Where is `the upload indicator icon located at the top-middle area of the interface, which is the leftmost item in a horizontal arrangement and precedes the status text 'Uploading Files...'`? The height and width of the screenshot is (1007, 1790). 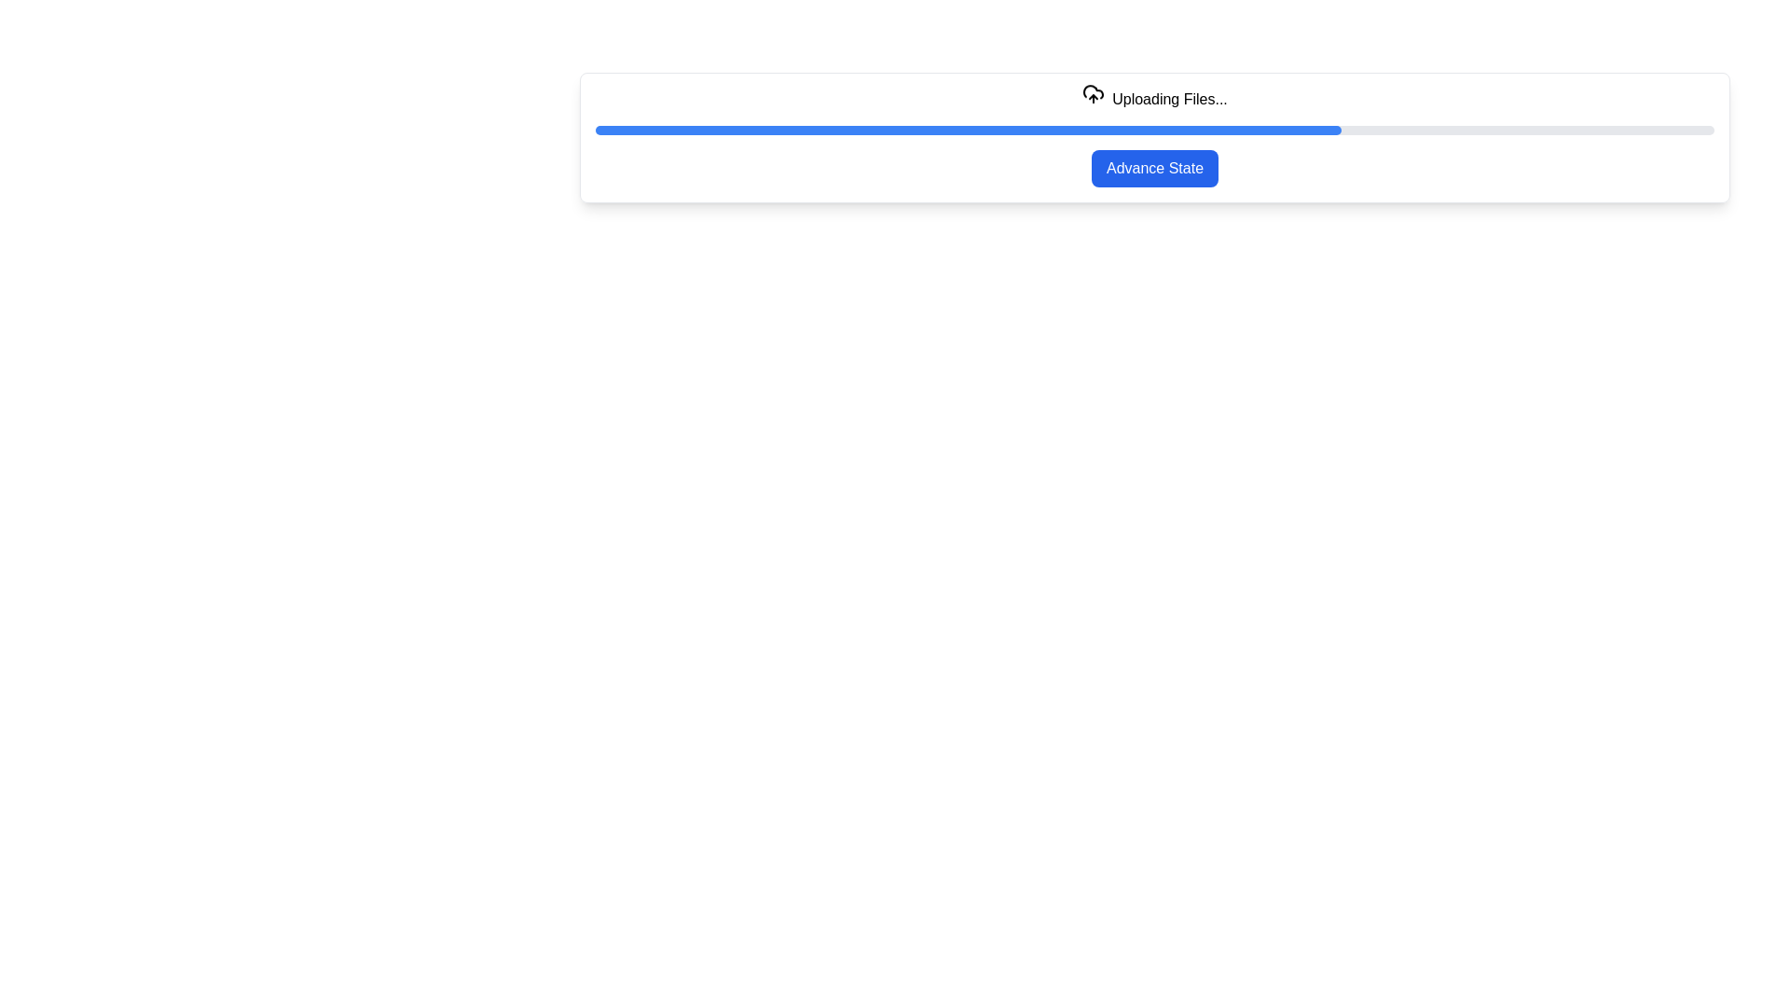
the upload indicator icon located at the top-middle area of the interface, which is the leftmost item in a horizontal arrangement and precedes the status text 'Uploading Files...' is located at coordinates (1094, 97).